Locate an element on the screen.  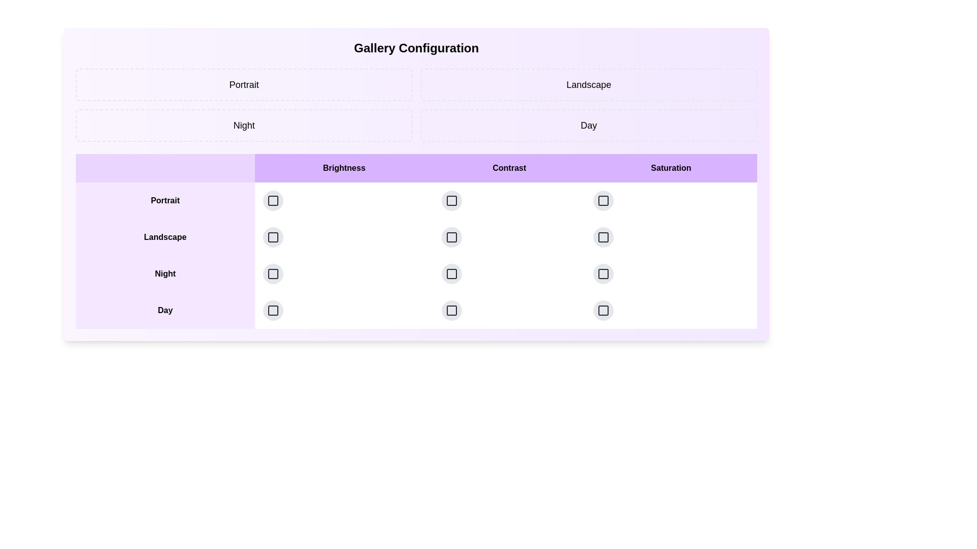
the text label displaying 'Day' in bold font, located within a light purple background in the fourth box of a horizontal arrangement, below the 'Gallery Configuration' heading is located at coordinates (589, 125).